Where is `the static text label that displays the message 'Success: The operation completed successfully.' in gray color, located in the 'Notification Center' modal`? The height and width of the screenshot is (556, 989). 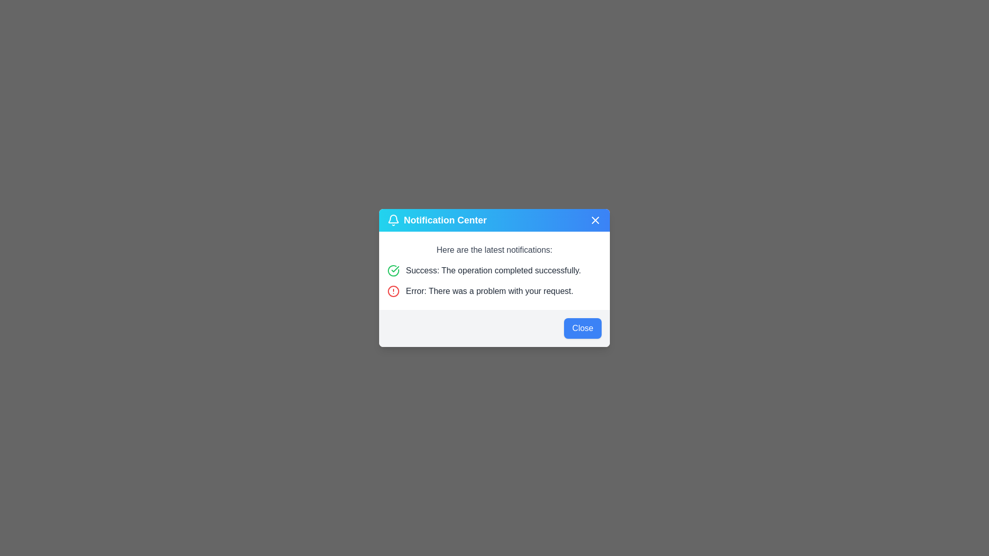
the static text label that displays the message 'Success: The operation completed successfully.' in gray color, located in the 'Notification Center' modal is located at coordinates (493, 270).